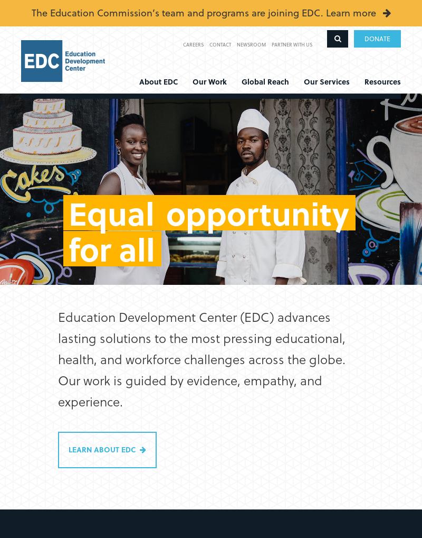  I want to click on 'Early Childhood Development and Learning', so click(38, 154).